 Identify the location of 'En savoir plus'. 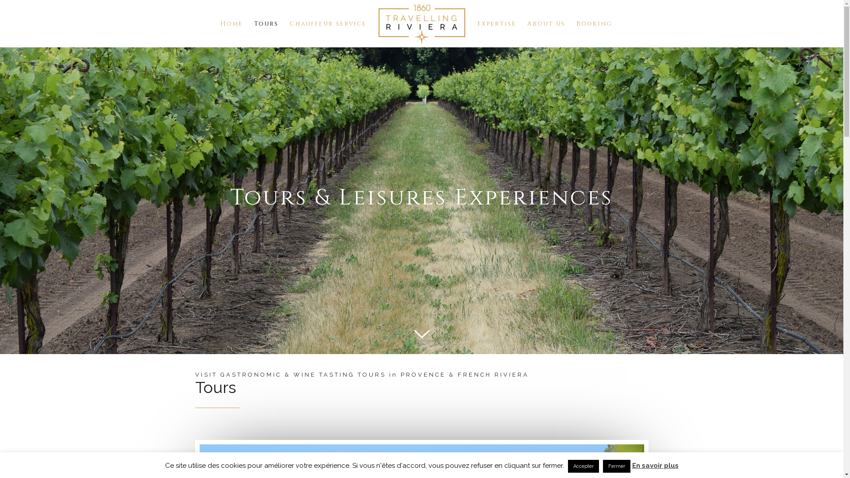
(632, 465).